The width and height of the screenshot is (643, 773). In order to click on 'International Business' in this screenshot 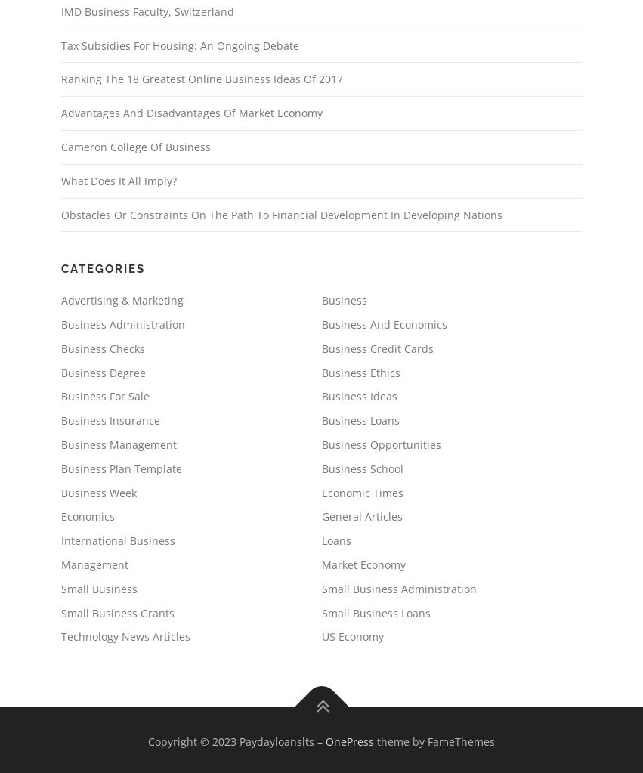, I will do `click(116, 540)`.